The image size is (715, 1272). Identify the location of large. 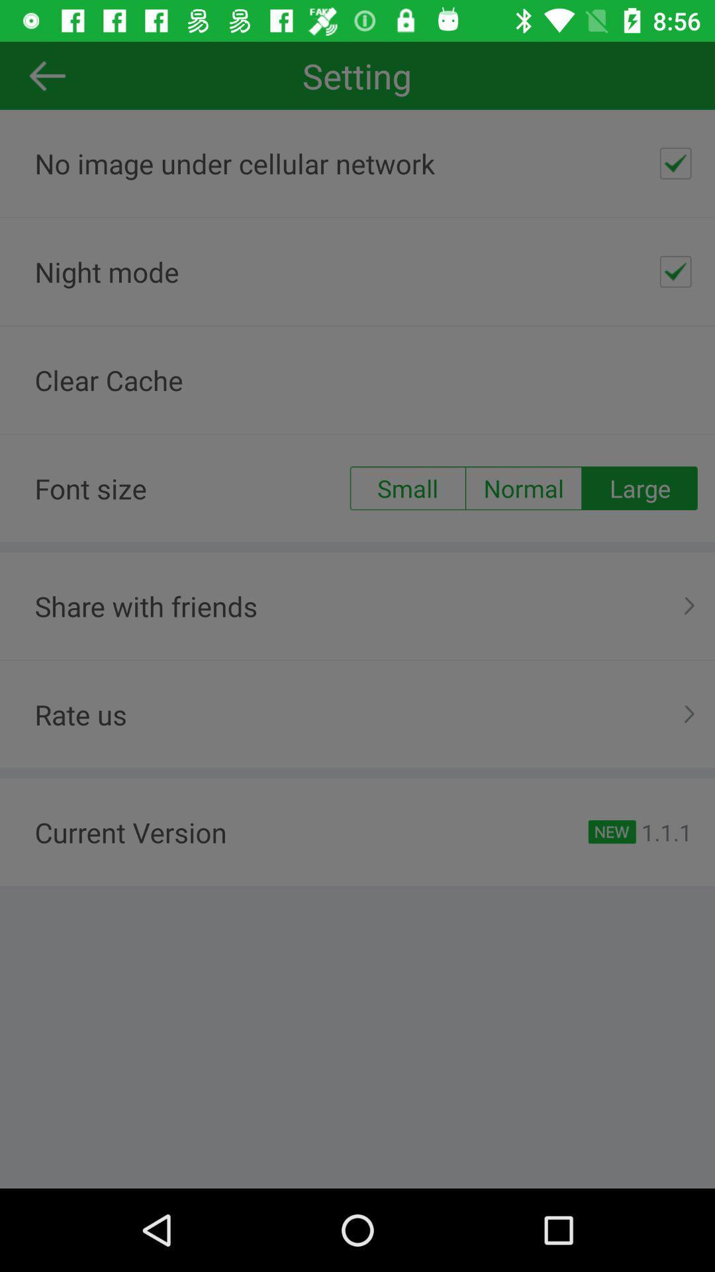
(639, 488).